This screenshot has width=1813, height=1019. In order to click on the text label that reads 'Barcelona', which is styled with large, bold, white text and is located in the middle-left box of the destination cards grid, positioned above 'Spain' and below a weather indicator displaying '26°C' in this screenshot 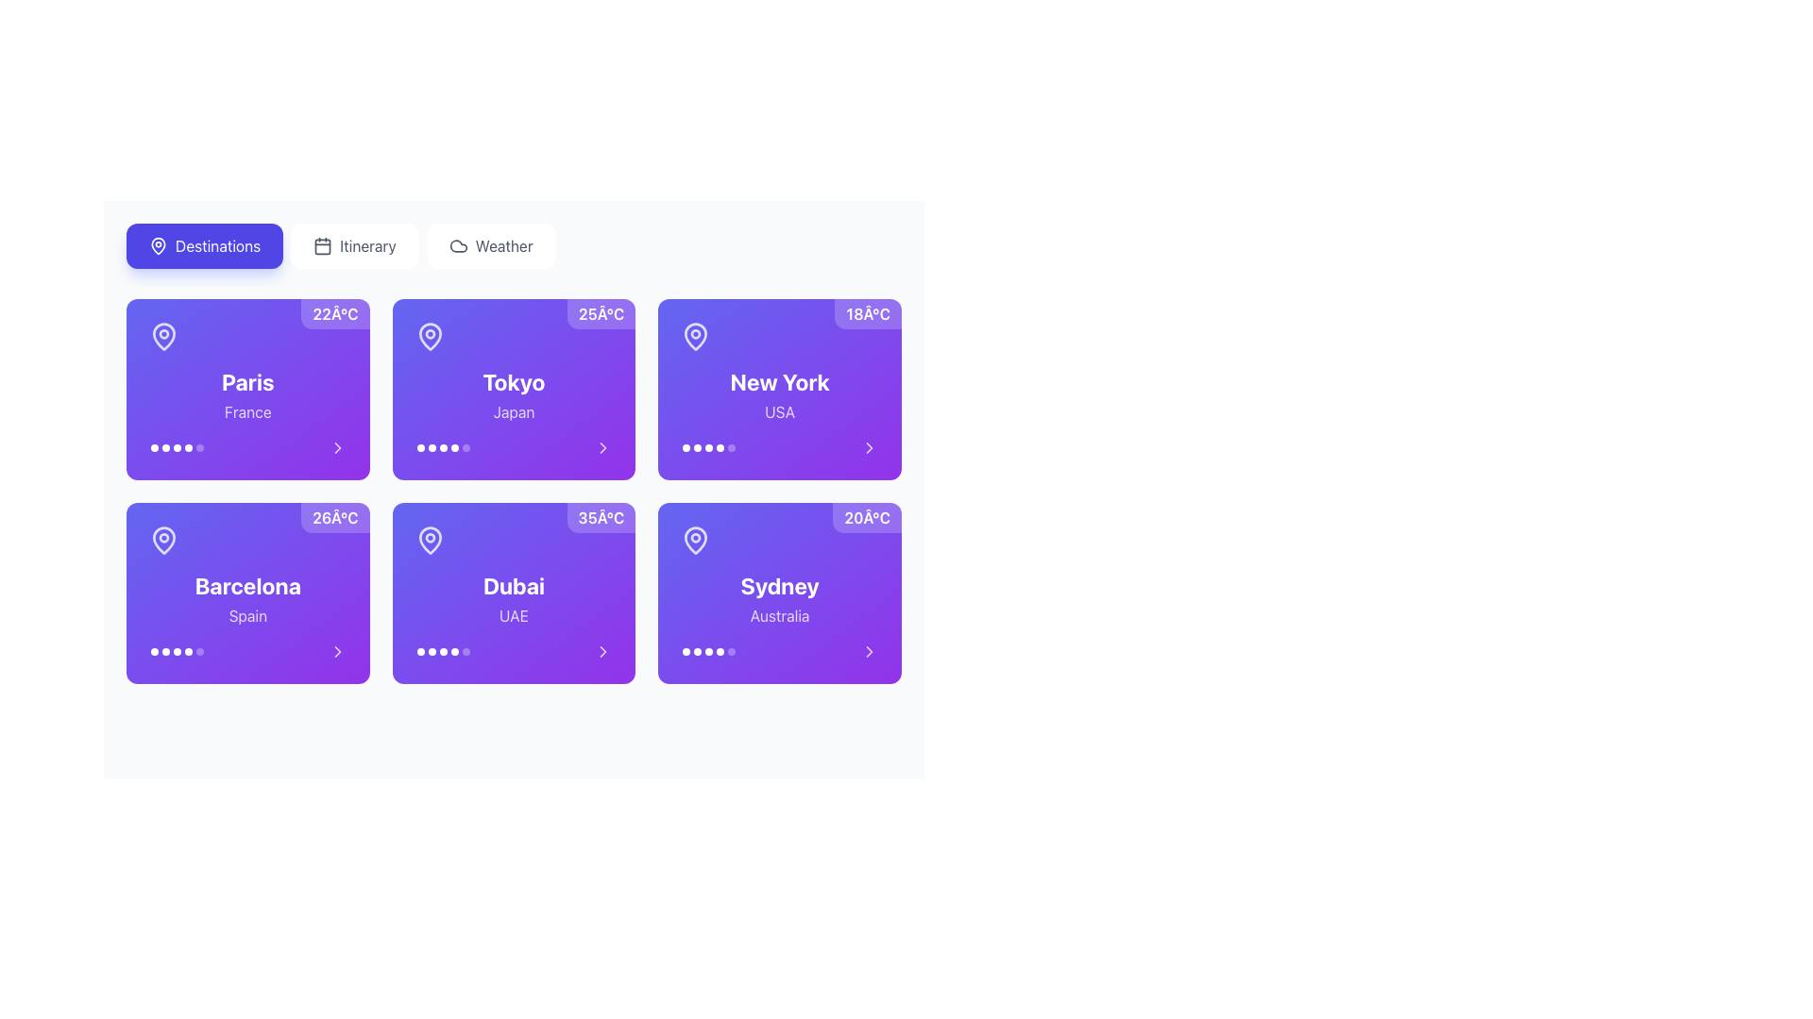, I will do `click(246, 585)`.